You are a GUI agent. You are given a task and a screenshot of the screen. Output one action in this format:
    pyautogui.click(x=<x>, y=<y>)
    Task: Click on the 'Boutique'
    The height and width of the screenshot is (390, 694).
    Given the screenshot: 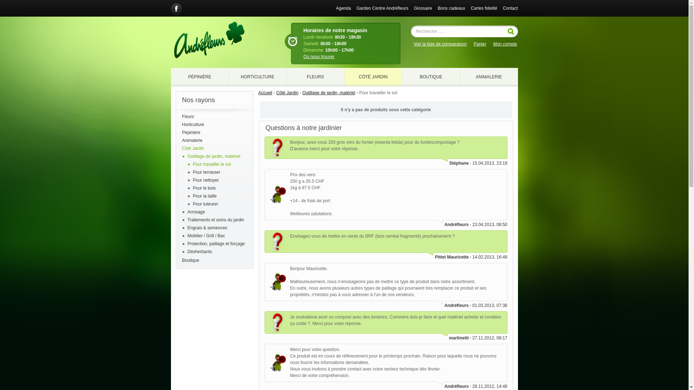 What is the action you would take?
    pyautogui.click(x=214, y=260)
    